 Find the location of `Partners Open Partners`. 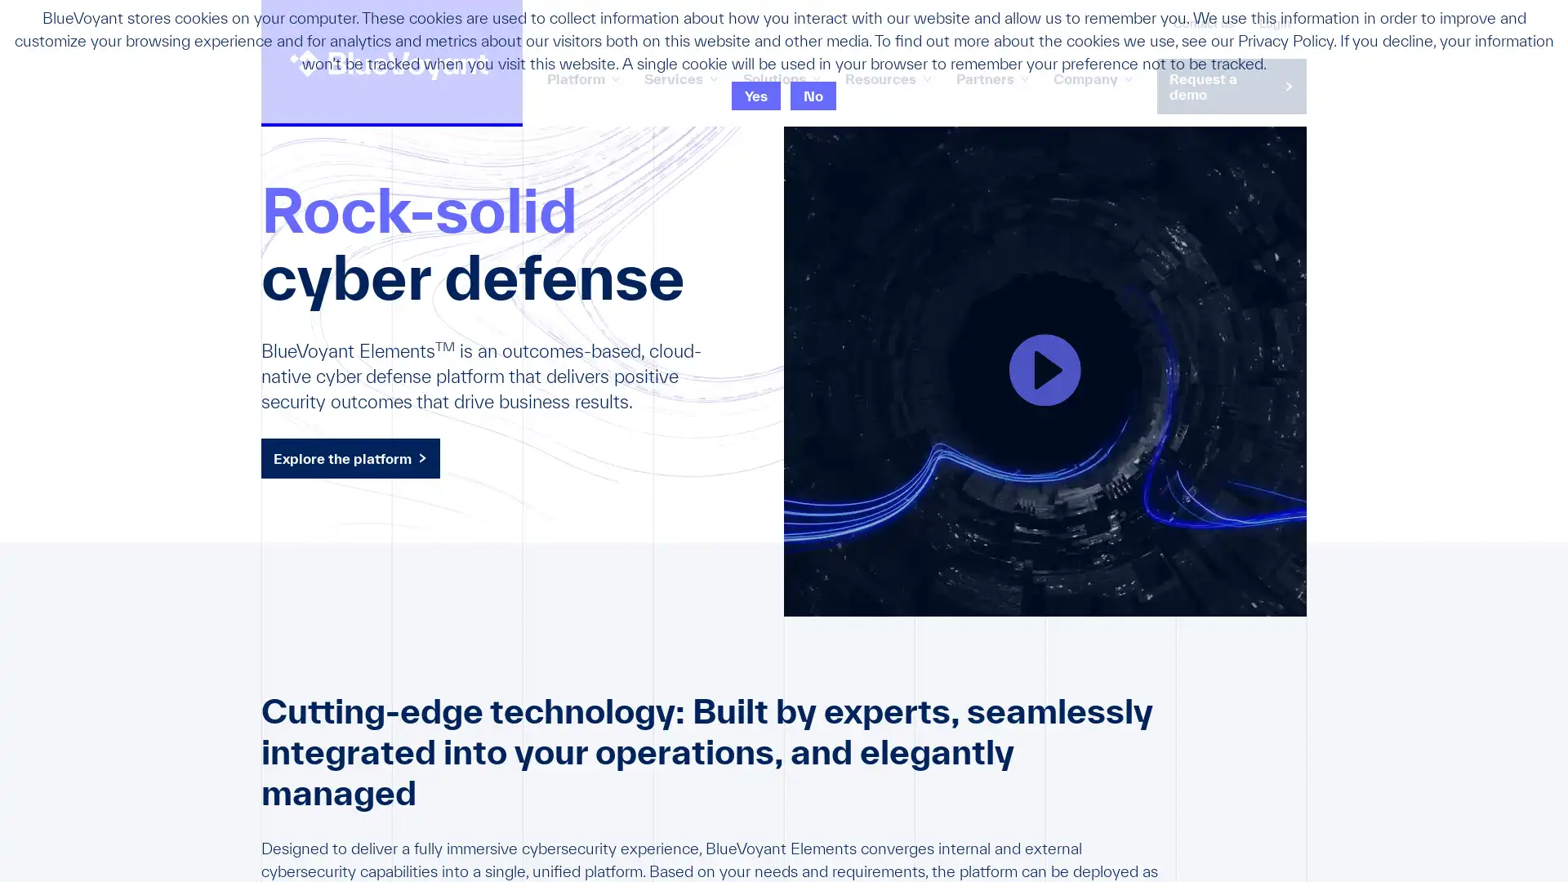

Partners Open Partners is located at coordinates (991, 78).